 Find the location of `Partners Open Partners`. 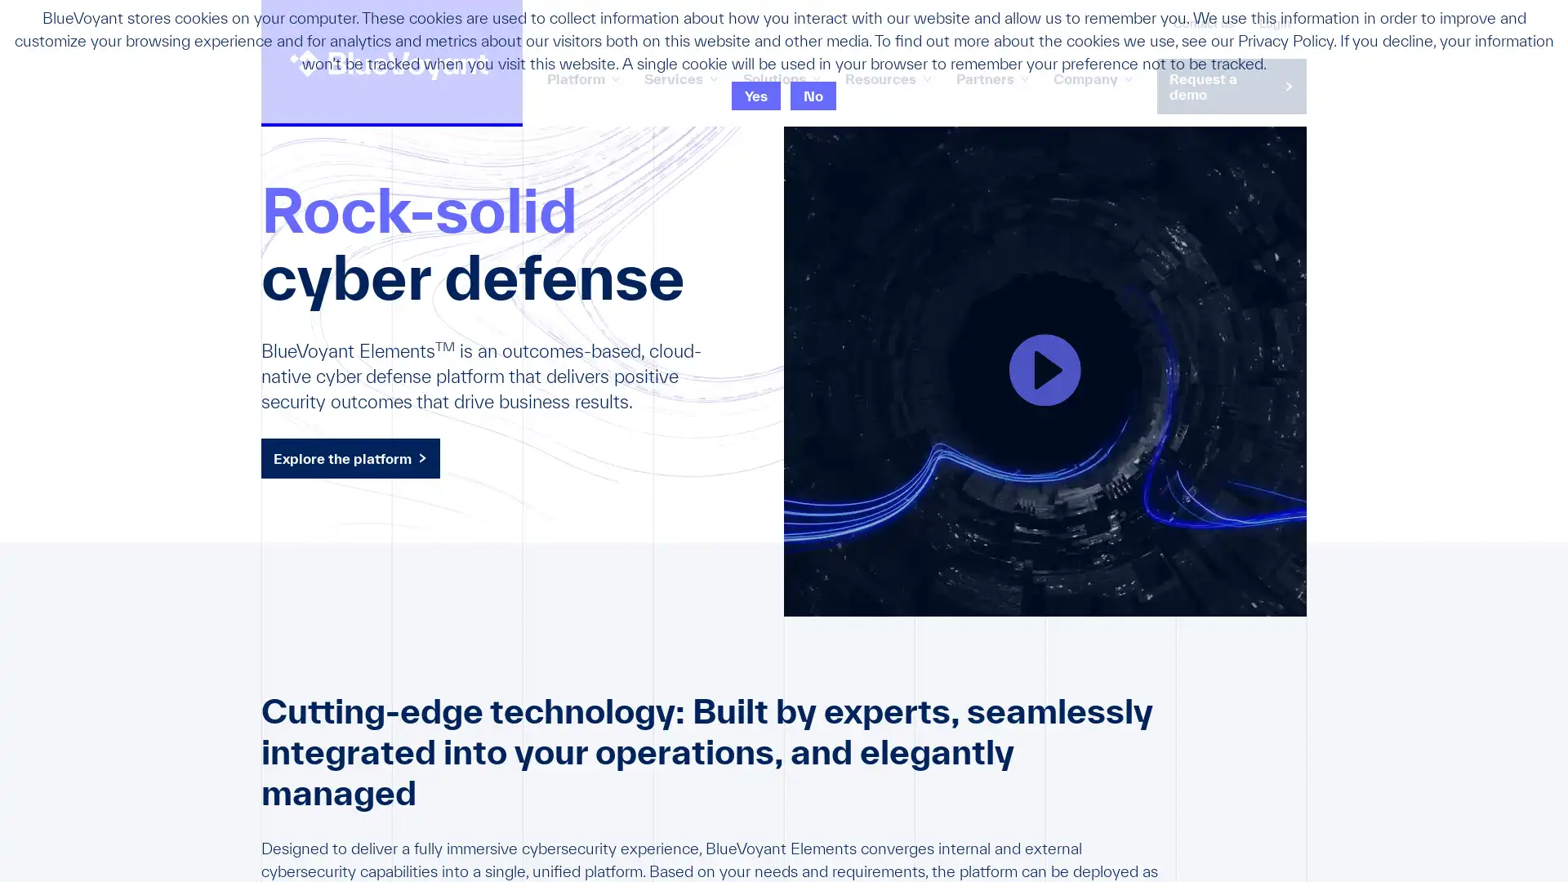

Partners Open Partners is located at coordinates (991, 78).